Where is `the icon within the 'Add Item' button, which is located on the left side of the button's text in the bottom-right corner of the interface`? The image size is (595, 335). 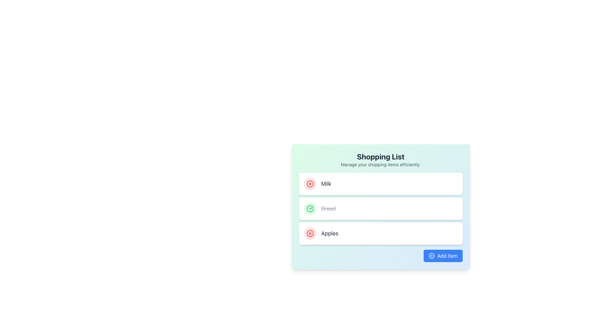
the icon within the 'Add Item' button, which is located on the left side of the button's text in the bottom-right corner of the interface is located at coordinates (431, 256).